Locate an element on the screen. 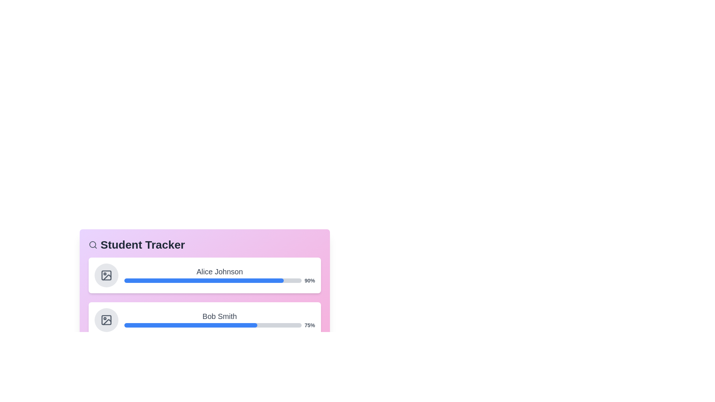 This screenshot has width=715, height=402. the placeholder image for Alice Johnson to upload a profile picture is located at coordinates (106, 275).